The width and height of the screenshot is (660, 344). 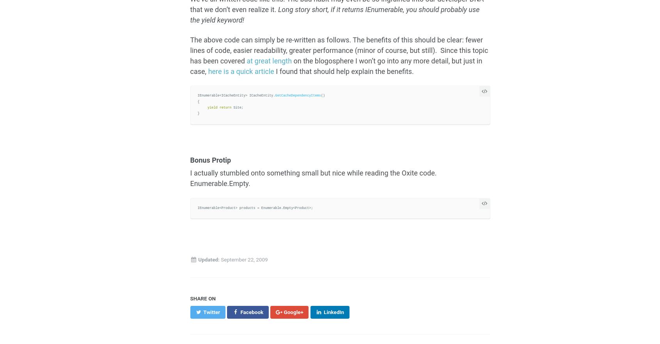 What do you see at coordinates (240, 107) in the screenshot?
I see `';'` at bounding box center [240, 107].